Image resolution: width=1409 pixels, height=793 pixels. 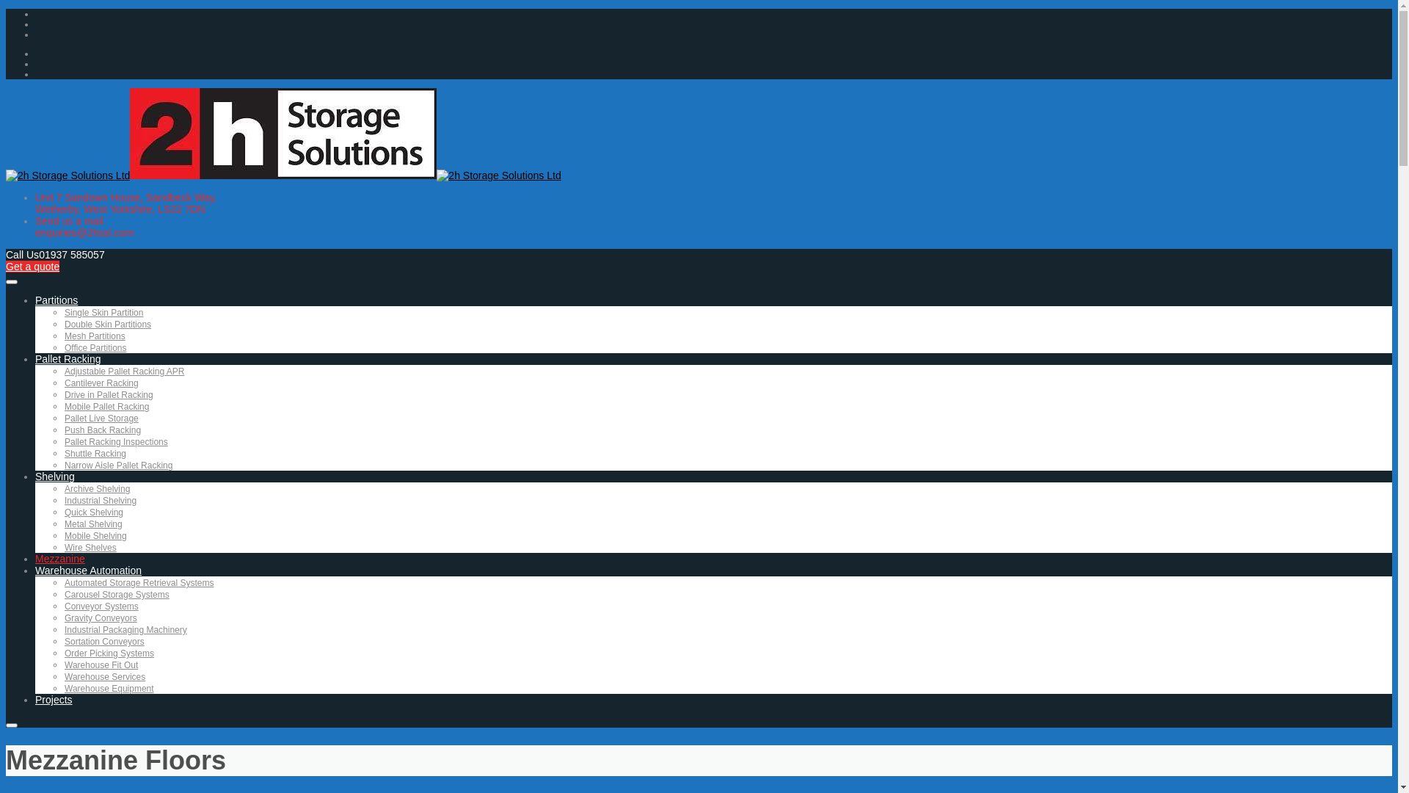 What do you see at coordinates (103, 641) in the screenshot?
I see `'Sortation Conveyors'` at bounding box center [103, 641].